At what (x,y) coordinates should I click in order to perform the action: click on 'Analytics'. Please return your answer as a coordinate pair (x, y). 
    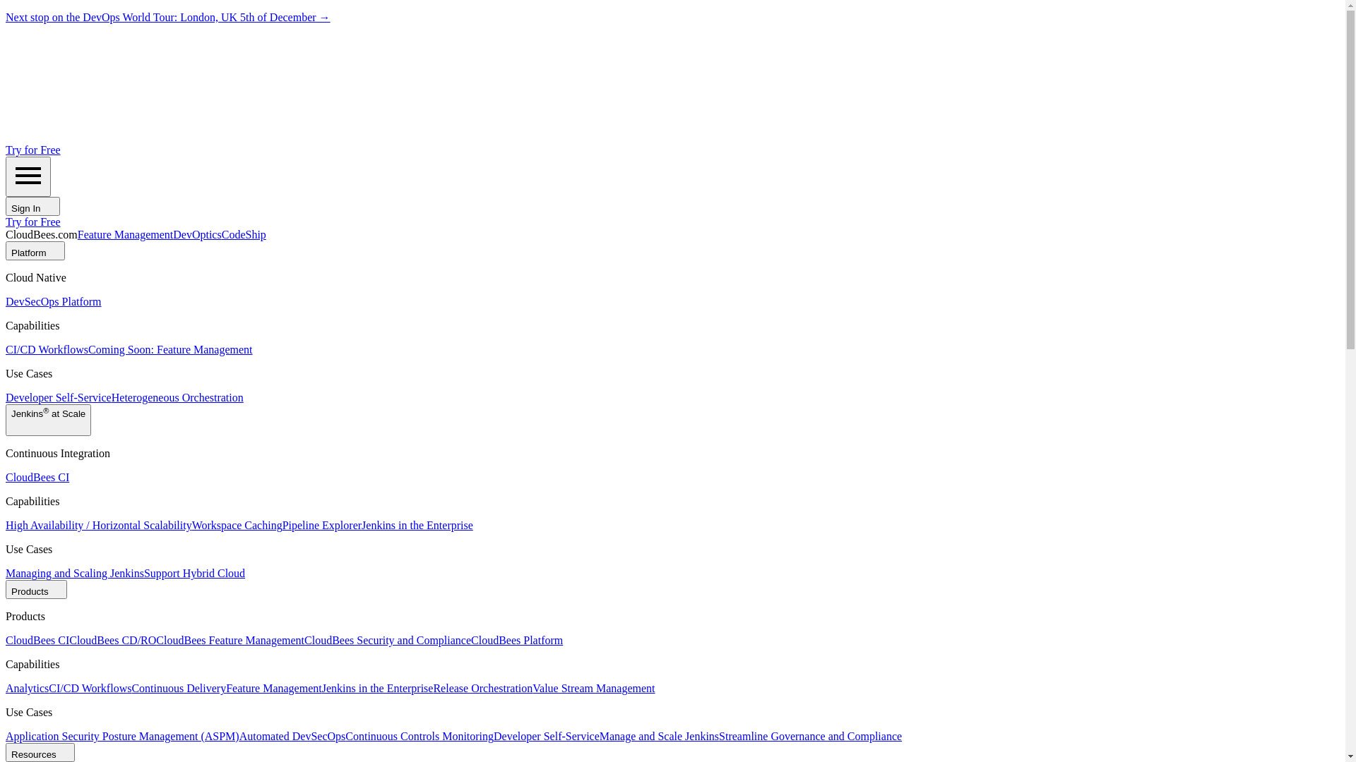
    Looking at the image, I should click on (27, 687).